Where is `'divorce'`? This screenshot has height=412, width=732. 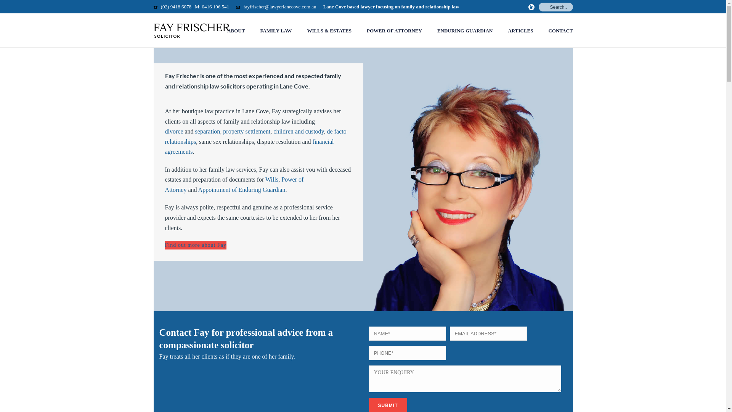 'divorce' is located at coordinates (173, 131).